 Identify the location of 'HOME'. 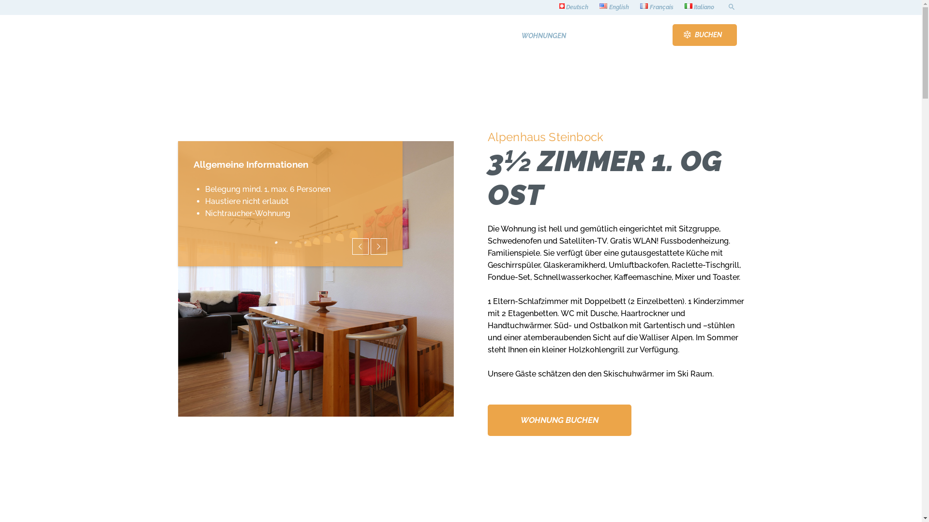
(476, 35).